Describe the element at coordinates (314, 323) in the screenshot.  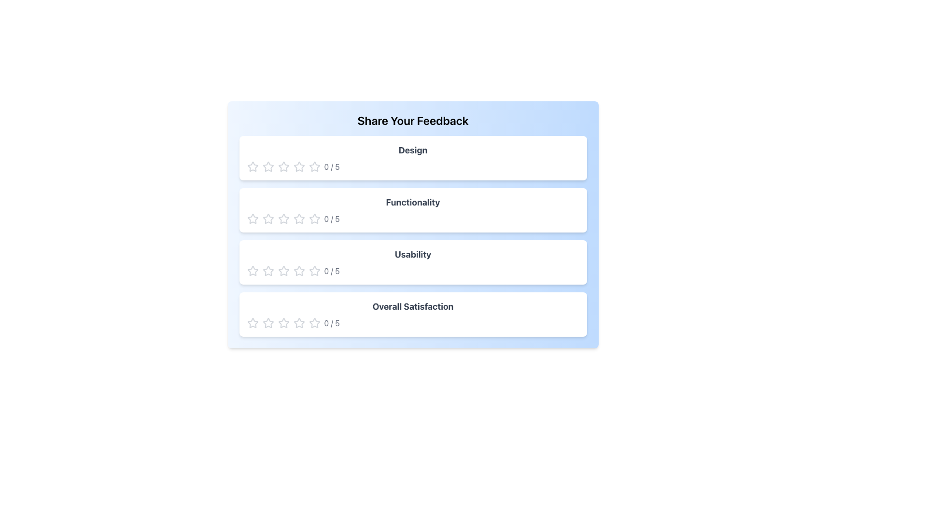
I see `the first star-shaped outline icon with a hollow center, rendered in light grey, to rate it for Overall Satisfaction` at that location.